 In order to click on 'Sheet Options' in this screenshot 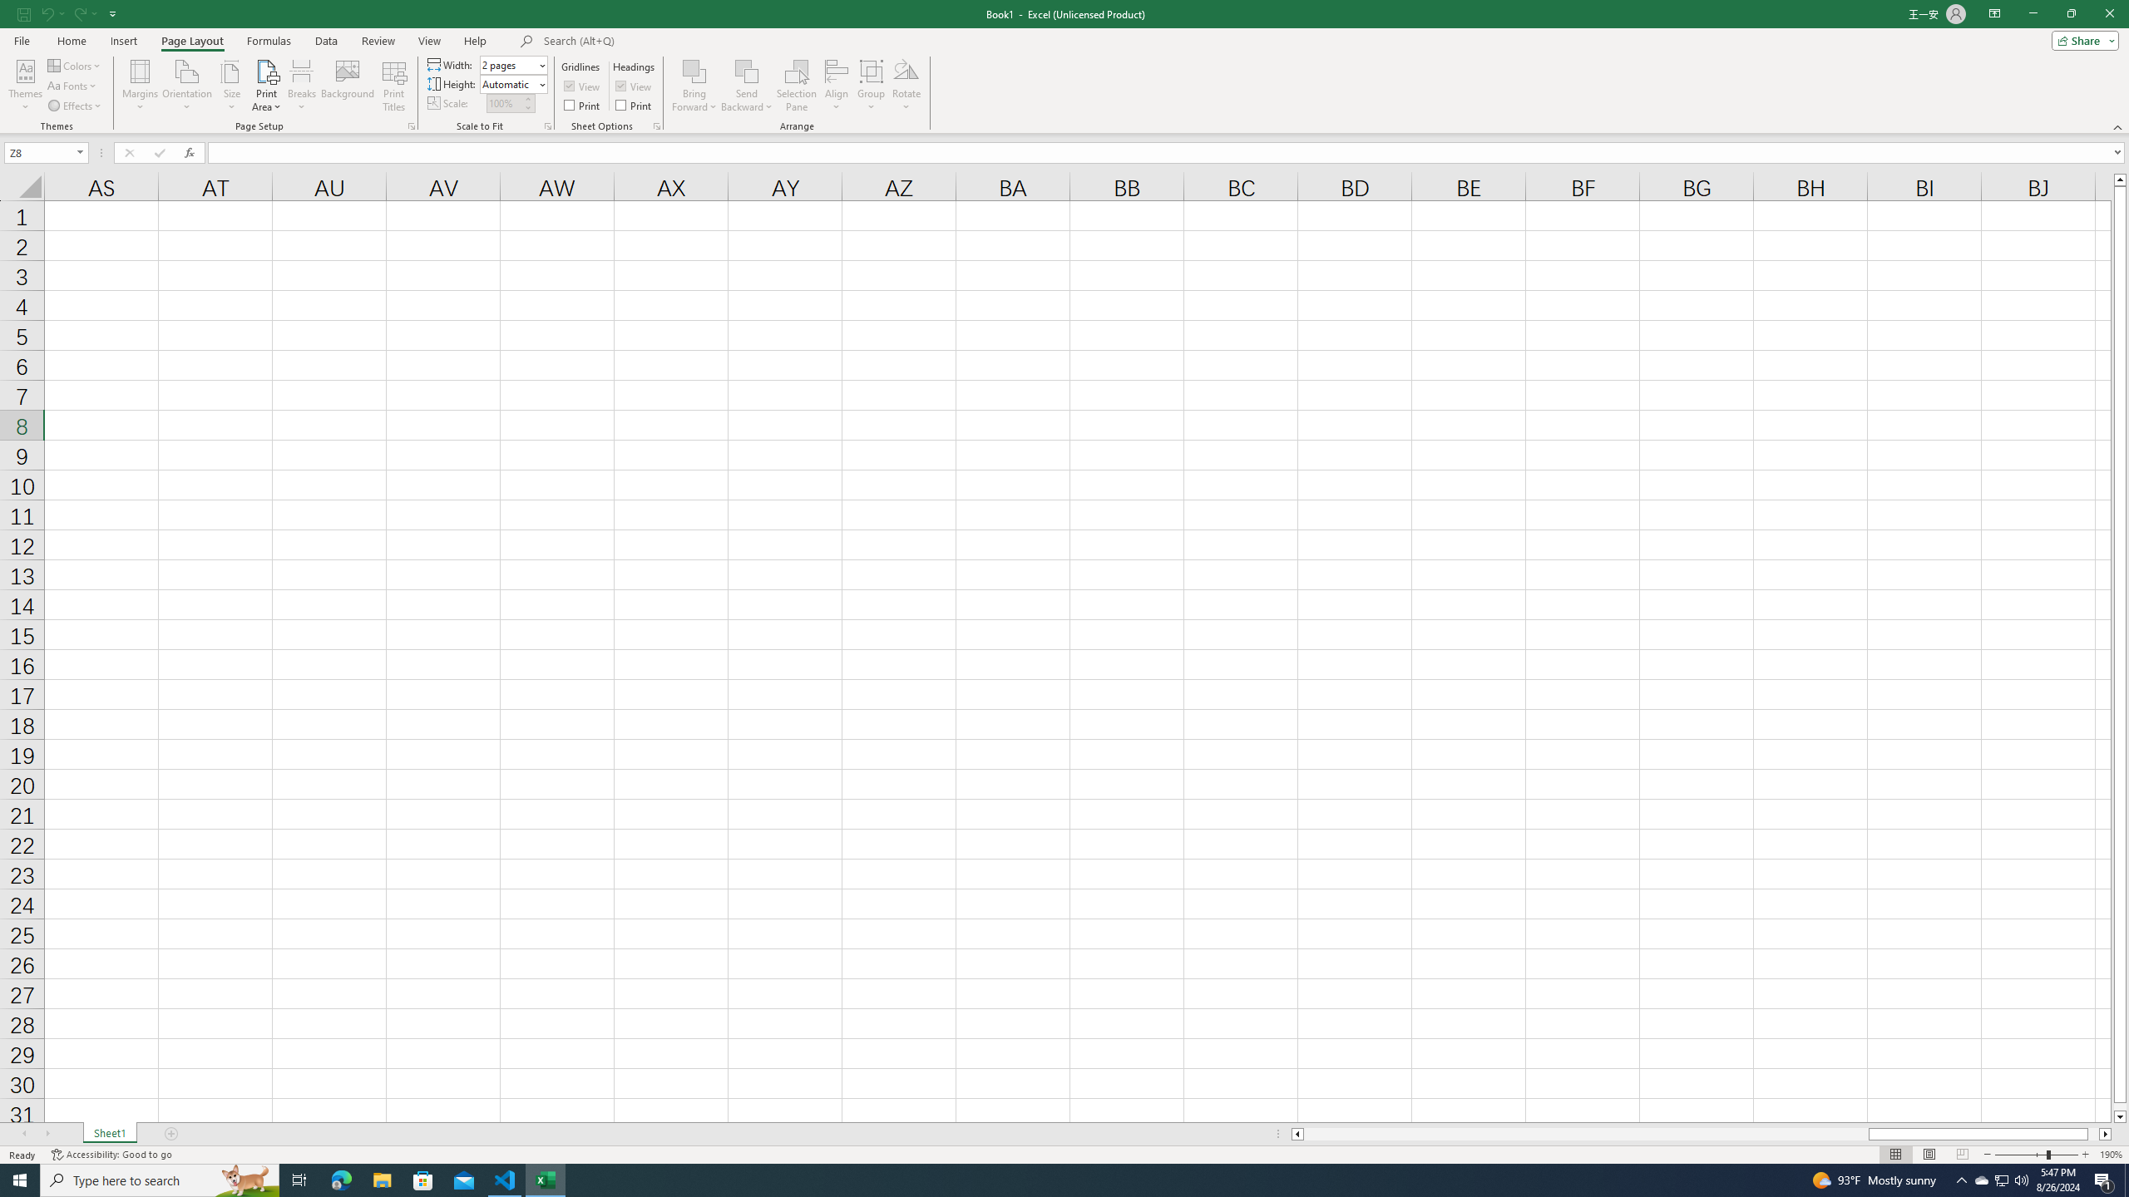, I will do `click(655, 125)`.